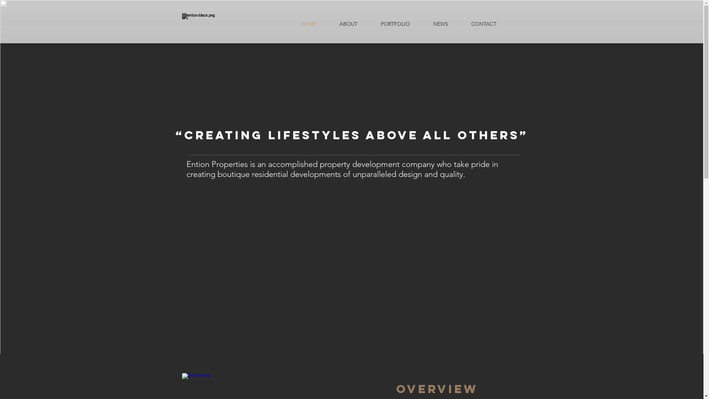 The width and height of the screenshot is (709, 399). I want to click on 'ABOUT', so click(348, 24).